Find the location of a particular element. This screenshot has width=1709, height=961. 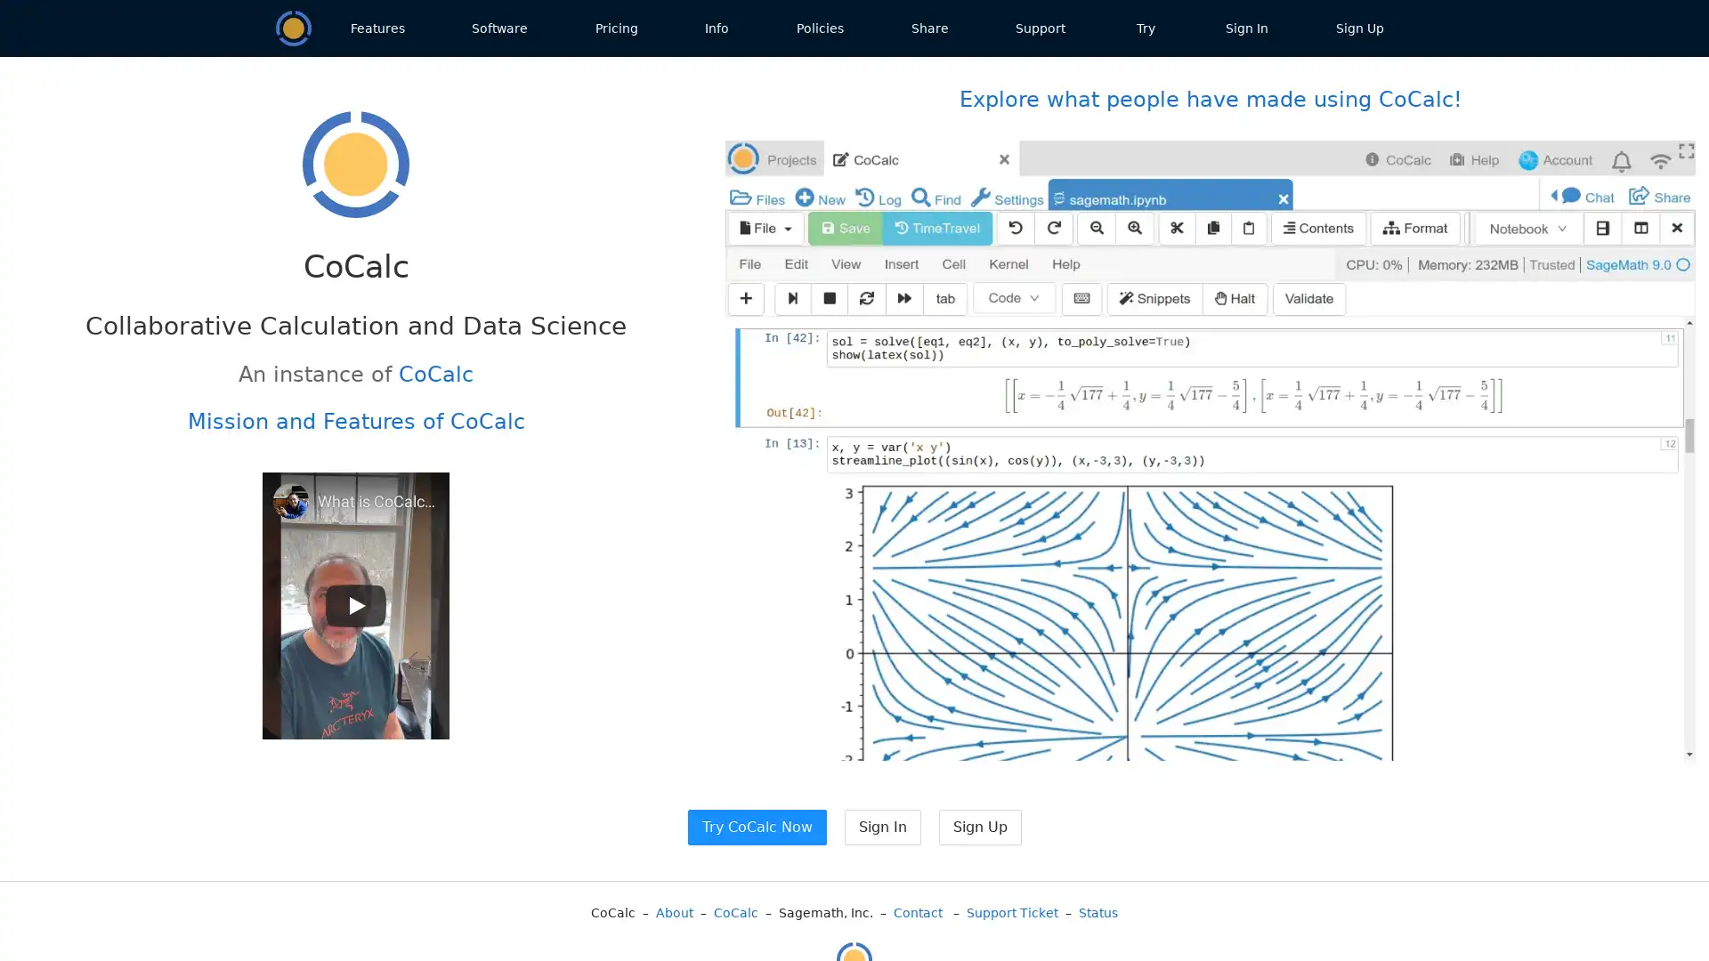

Sign In is located at coordinates (881, 827).